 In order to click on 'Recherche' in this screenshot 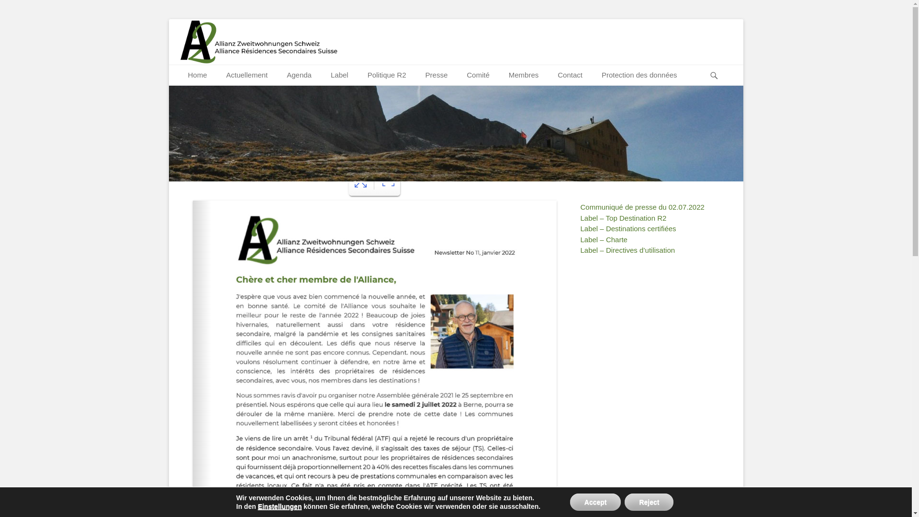, I will do `click(719, 65)`.